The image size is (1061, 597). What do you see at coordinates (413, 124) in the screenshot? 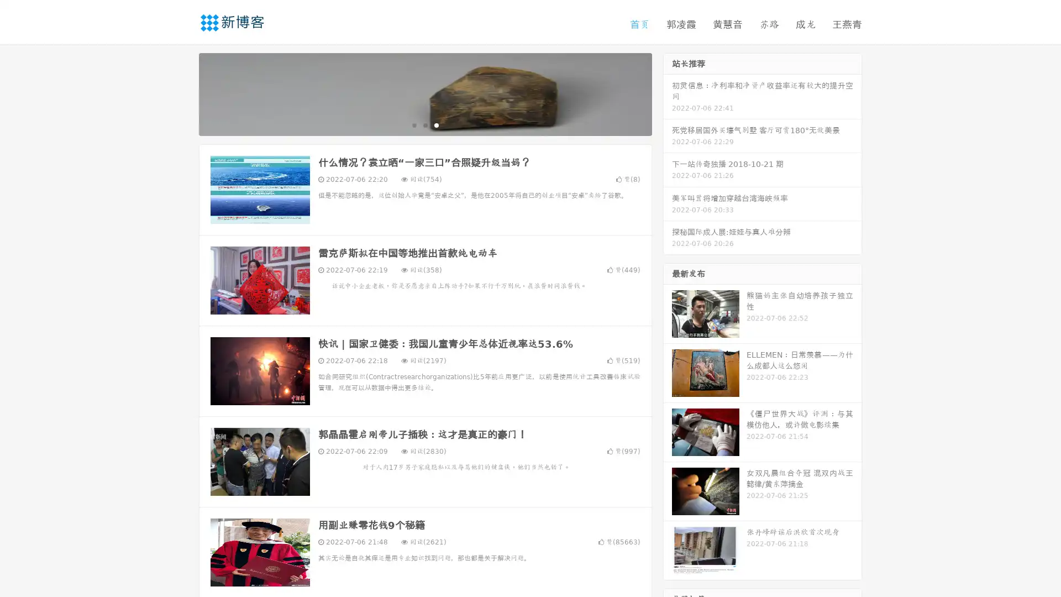
I see `Go to slide 1` at bounding box center [413, 124].